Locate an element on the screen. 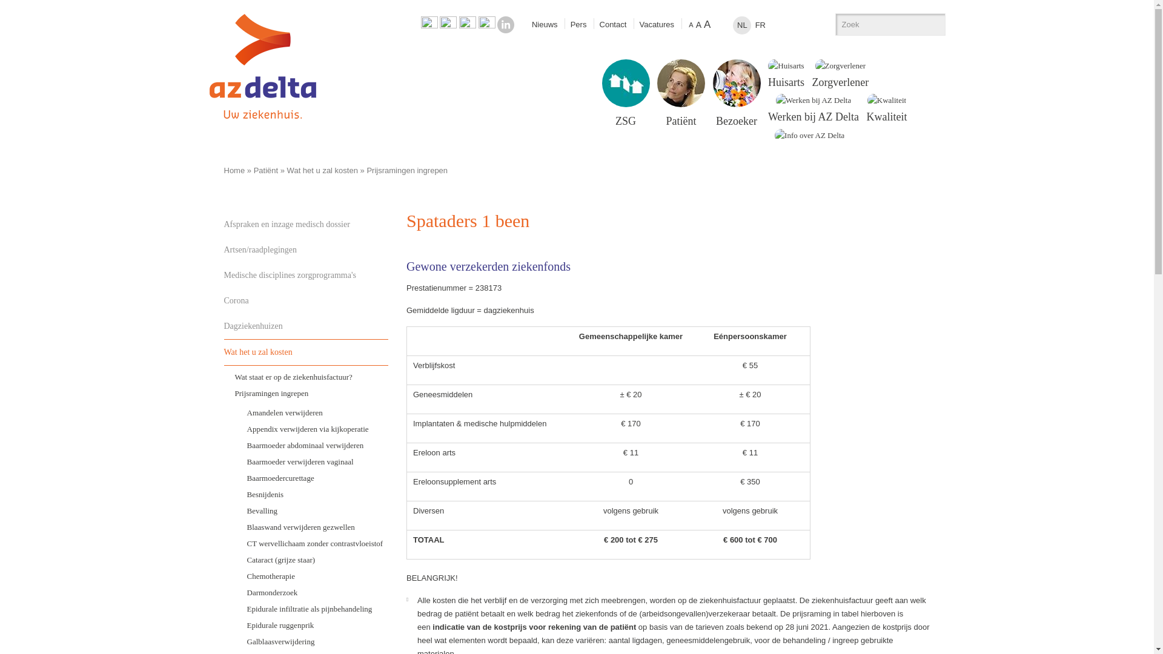 Image resolution: width=1163 pixels, height=654 pixels. 'Wat het u zal kosten' is located at coordinates (224, 352).